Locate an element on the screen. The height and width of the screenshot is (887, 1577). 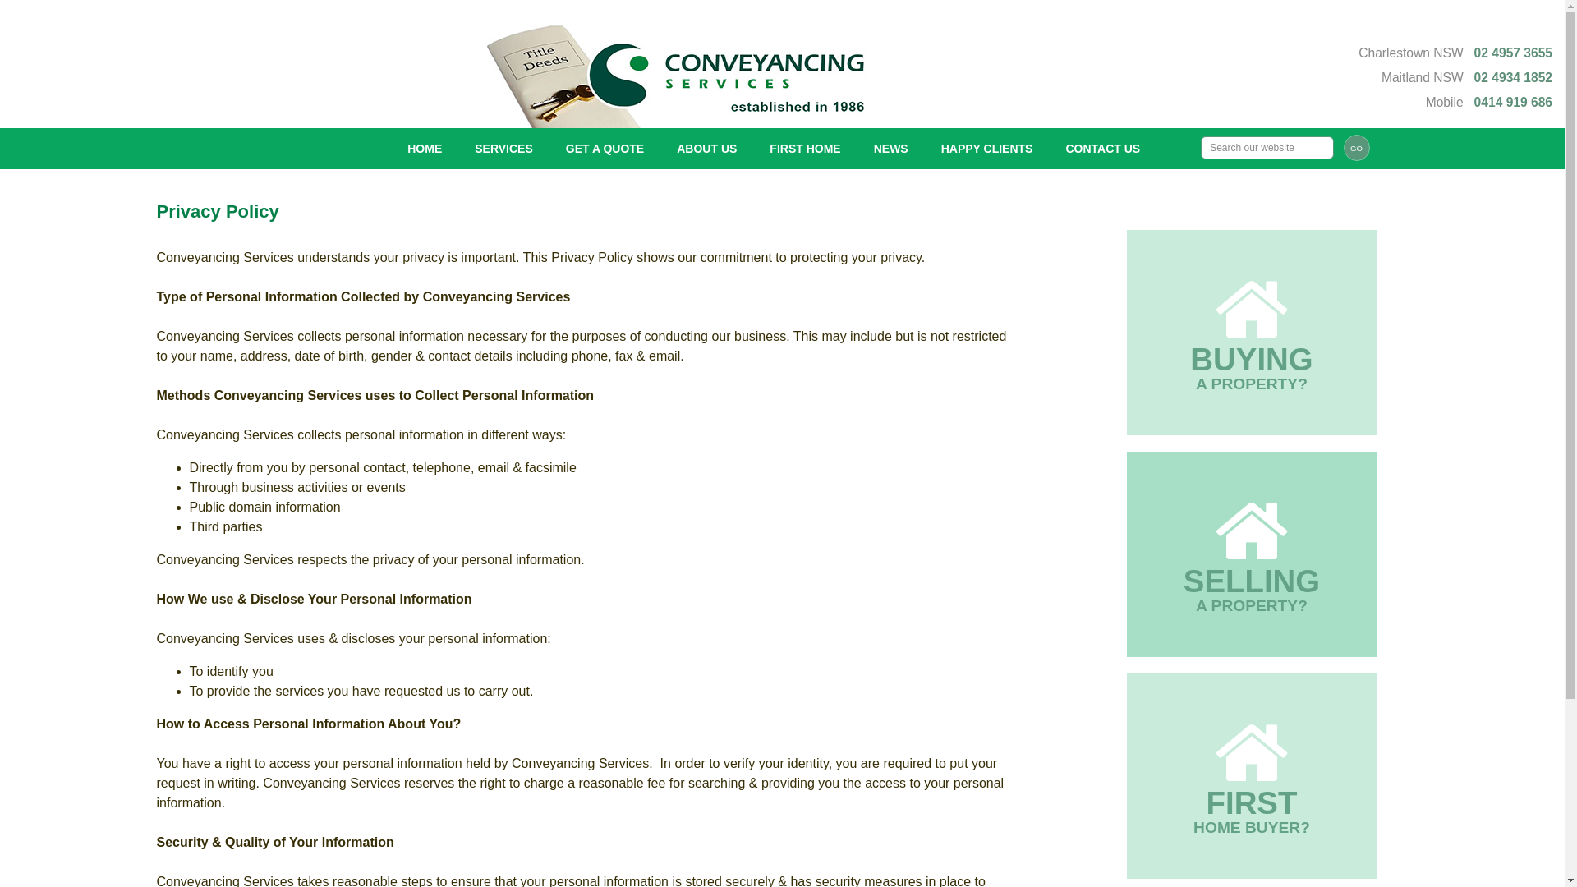
'Maitland NSW   02 4934 1852' is located at coordinates (1466, 77).